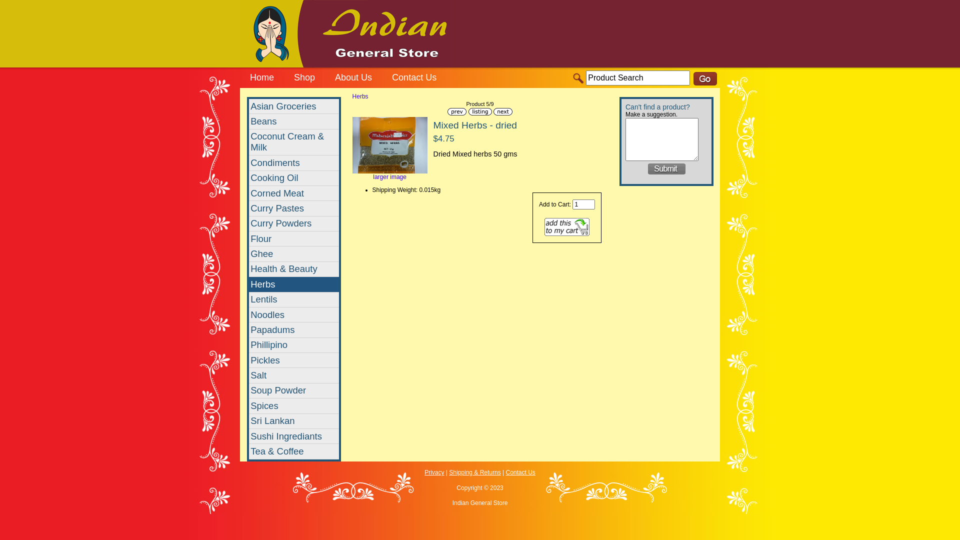 The height and width of the screenshot is (540, 960). Describe the element at coordinates (293, 193) in the screenshot. I see `'Corned Meat'` at that location.